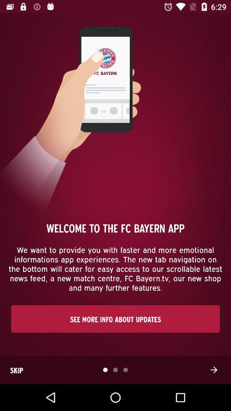  Describe the element at coordinates (213, 369) in the screenshot. I see `the icon at the bottom right corner` at that location.